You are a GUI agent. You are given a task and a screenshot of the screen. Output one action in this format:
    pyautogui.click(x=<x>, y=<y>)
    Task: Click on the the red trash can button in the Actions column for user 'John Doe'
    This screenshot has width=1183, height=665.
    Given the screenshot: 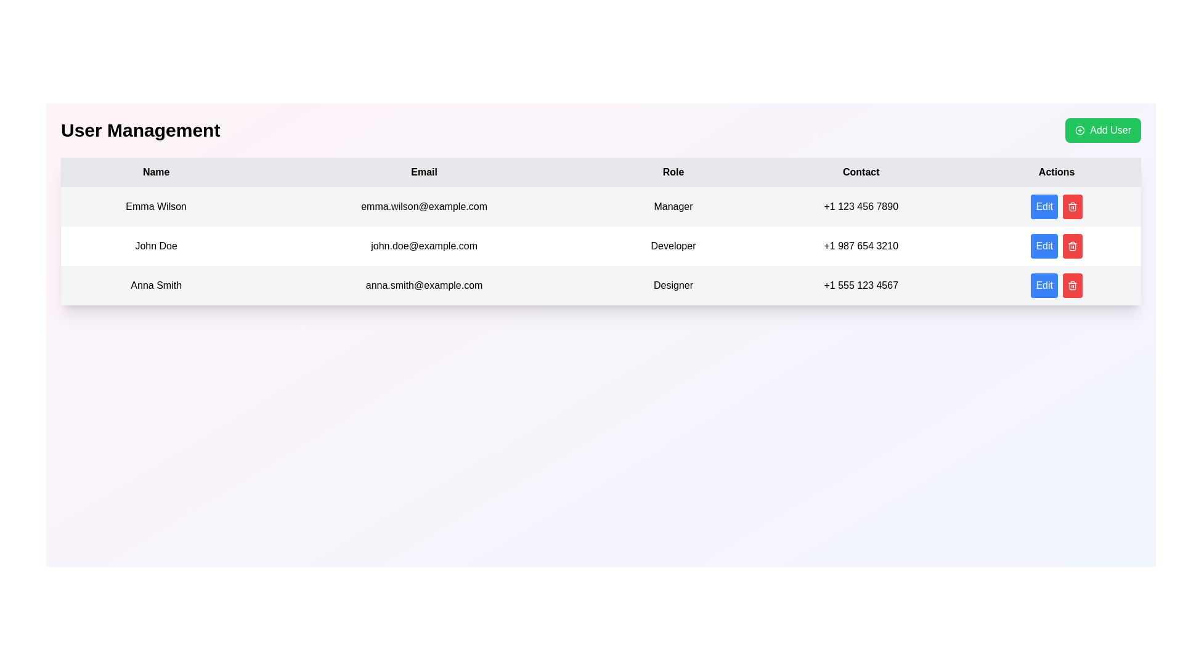 What is the action you would take?
    pyautogui.click(x=1072, y=246)
    